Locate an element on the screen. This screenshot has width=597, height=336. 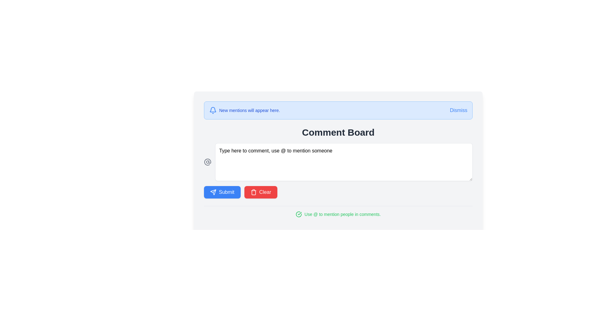
the informational row containing a green check icon and the text 'Use @ to mention people in comments.' is located at coordinates (338, 214).